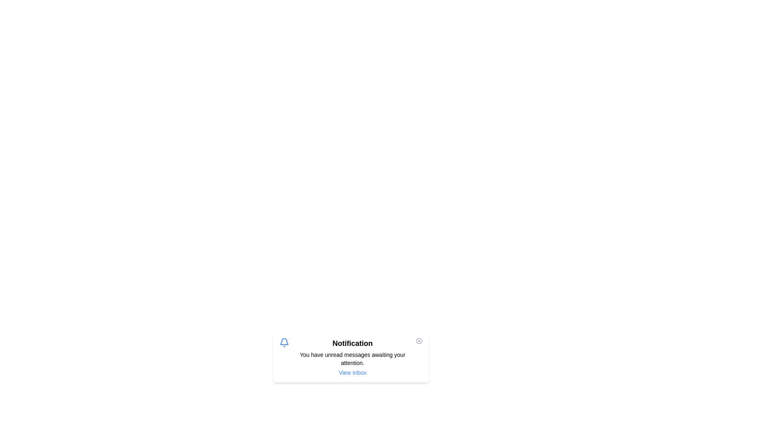 The height and width of the screenshot is (439, 780). Describe the element at coordinates (353, 343) in the screenshot. I see `the Text label that serves as the header for the notification section, located at the top of the notification box` at that location.